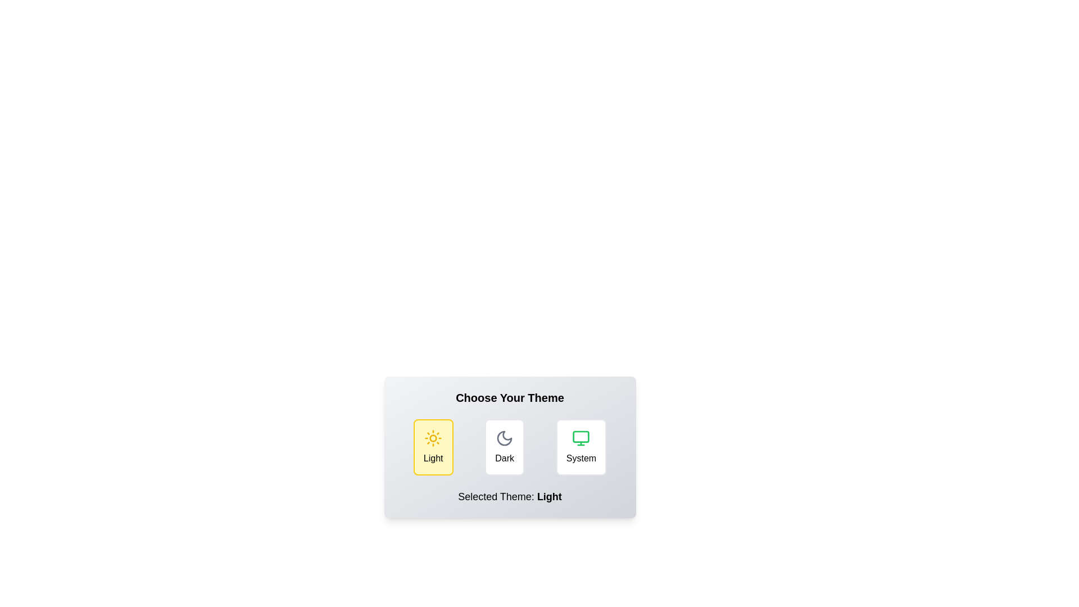 This screenshot has width=1079, height=607. Describe the element at coordinates (504, 446) in the screenshot. I see `the theme by clicking on the corresponding button for Dark` at that location.